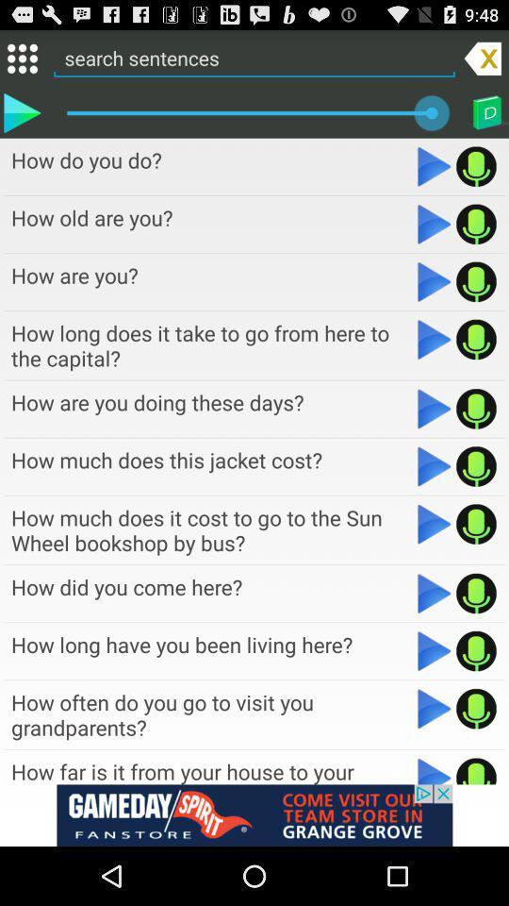  I want to click on microphone, so click(475, 770).